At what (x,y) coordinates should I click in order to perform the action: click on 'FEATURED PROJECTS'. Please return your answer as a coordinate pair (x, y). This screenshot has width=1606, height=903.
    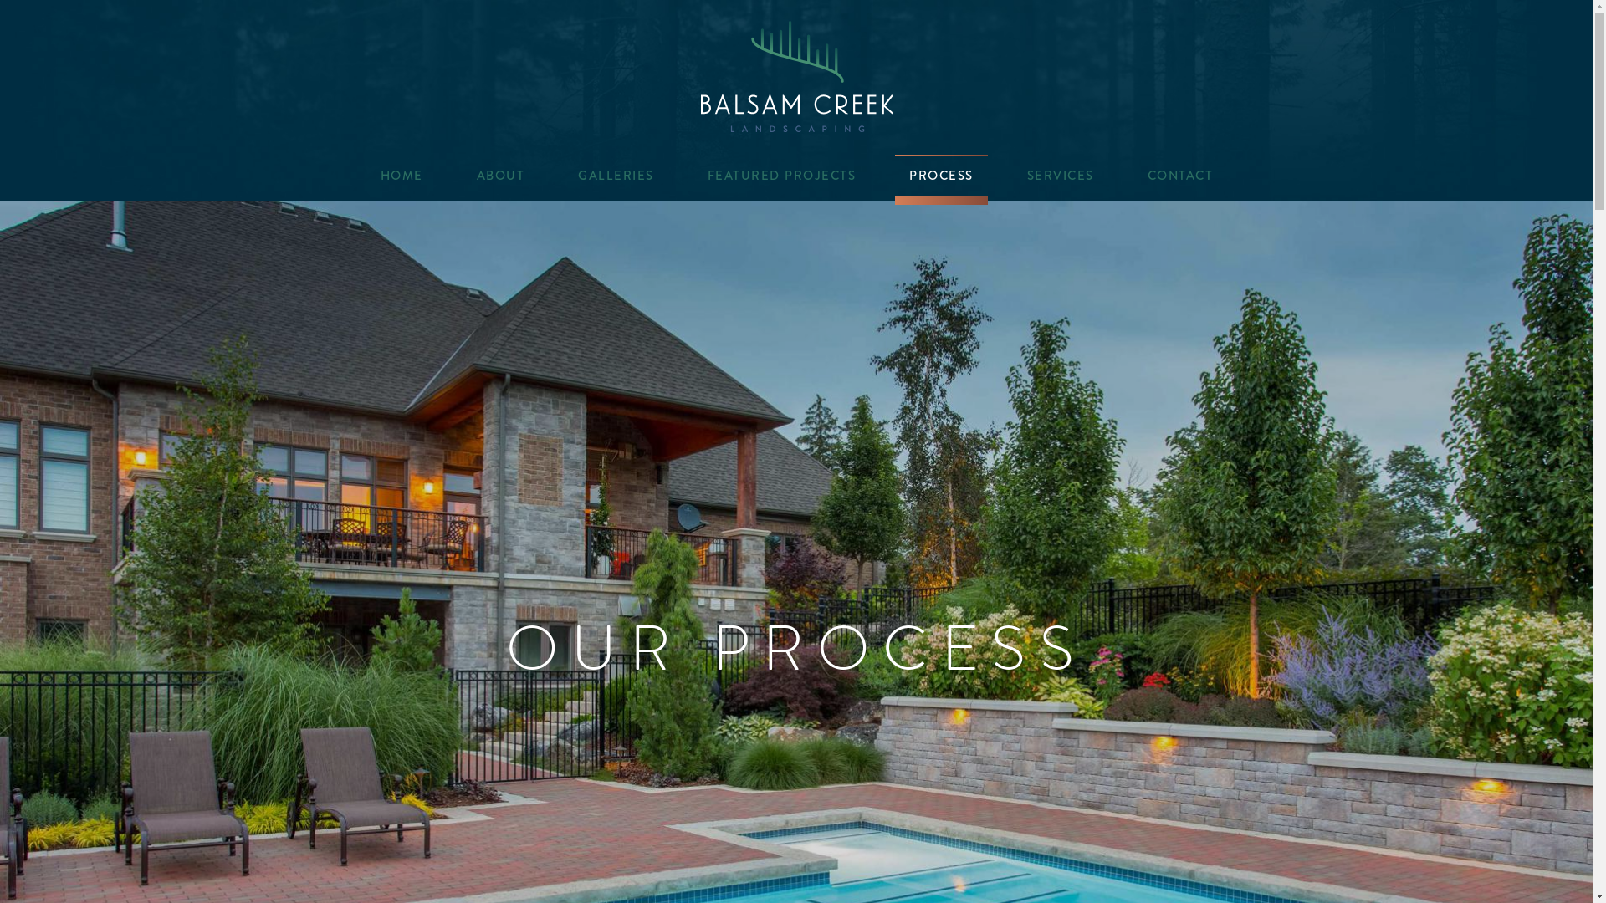
    Looking at the image, I should click on (781, 175).